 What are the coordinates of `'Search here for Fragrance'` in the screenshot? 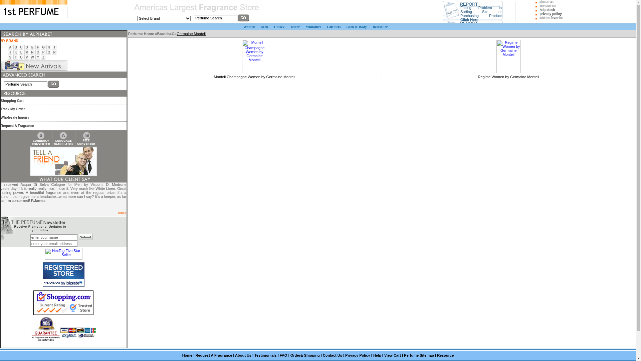 It's located at (0, 75).